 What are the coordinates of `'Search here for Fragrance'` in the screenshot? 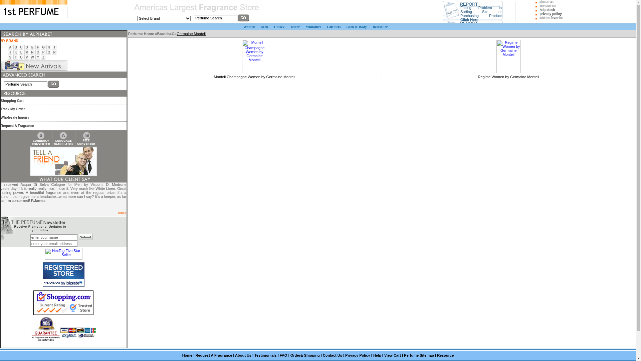 It's located at (0, 75).